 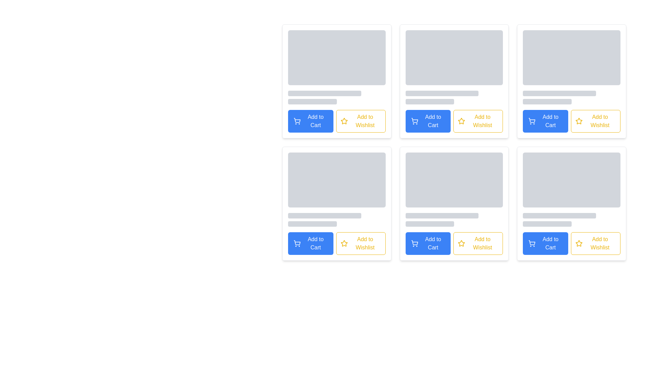 I want to click on the shopping cart icon within the 'Add to Cart' button located at the lower right card in a grid layout, so click(x=531, y=243).